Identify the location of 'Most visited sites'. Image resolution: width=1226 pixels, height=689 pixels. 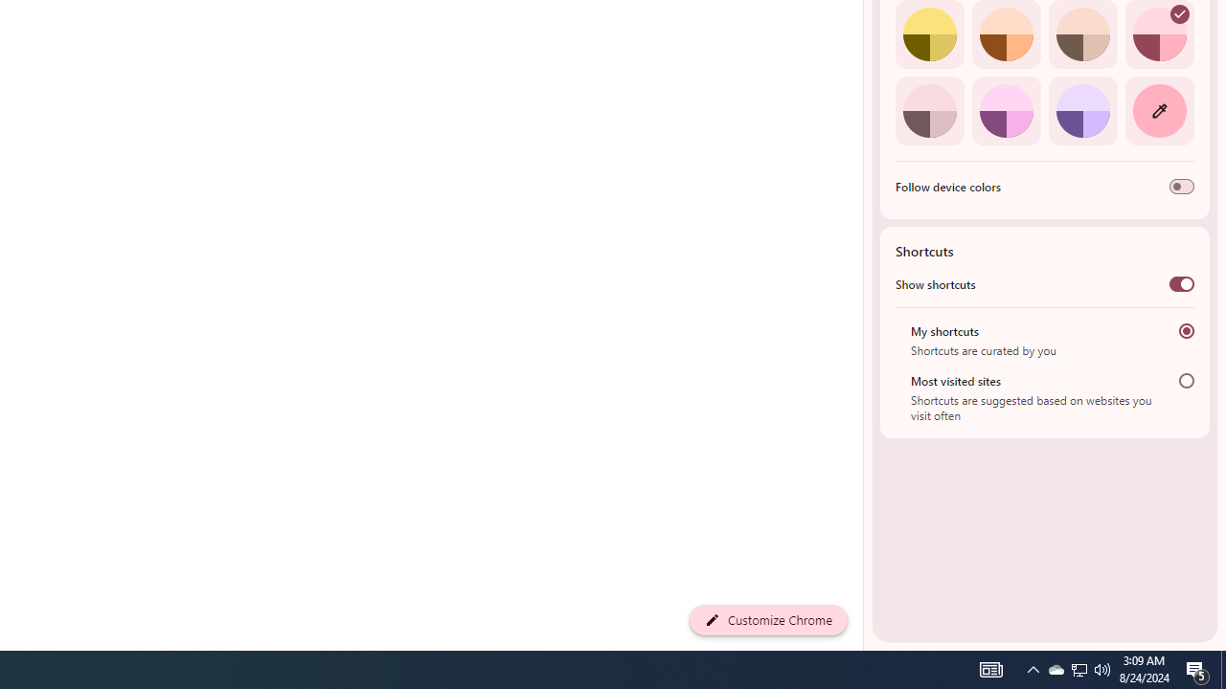
(1186, 381).